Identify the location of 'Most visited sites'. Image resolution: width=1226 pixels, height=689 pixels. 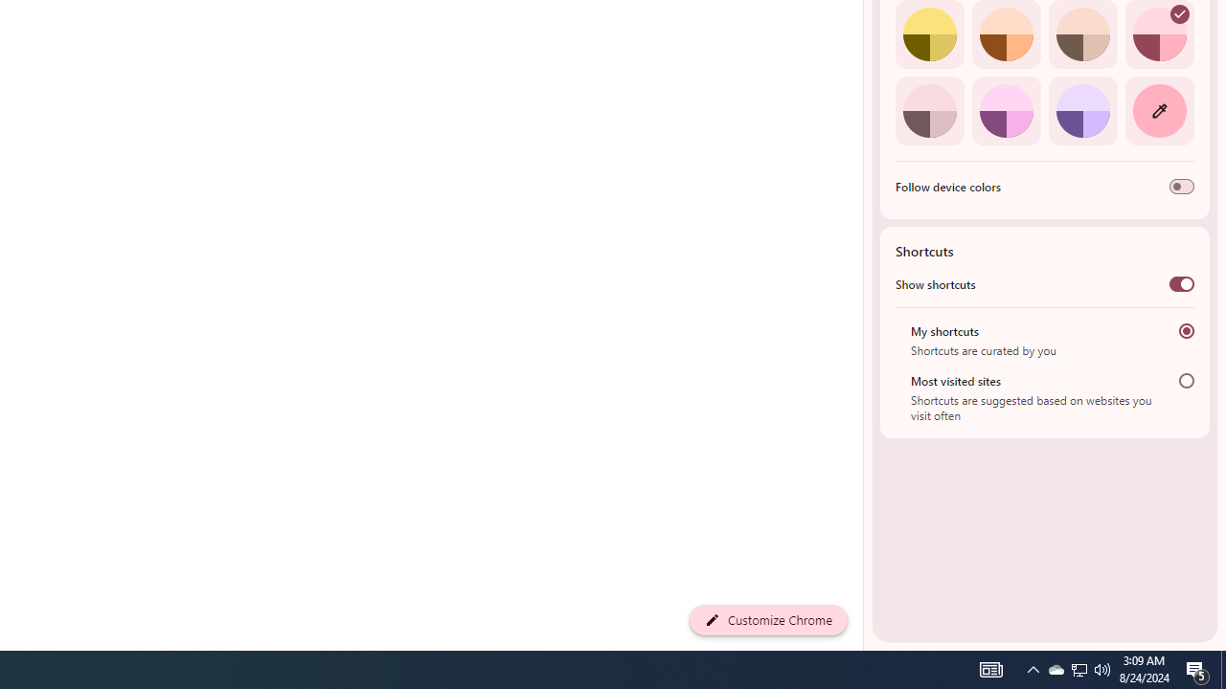
(1186, 381).